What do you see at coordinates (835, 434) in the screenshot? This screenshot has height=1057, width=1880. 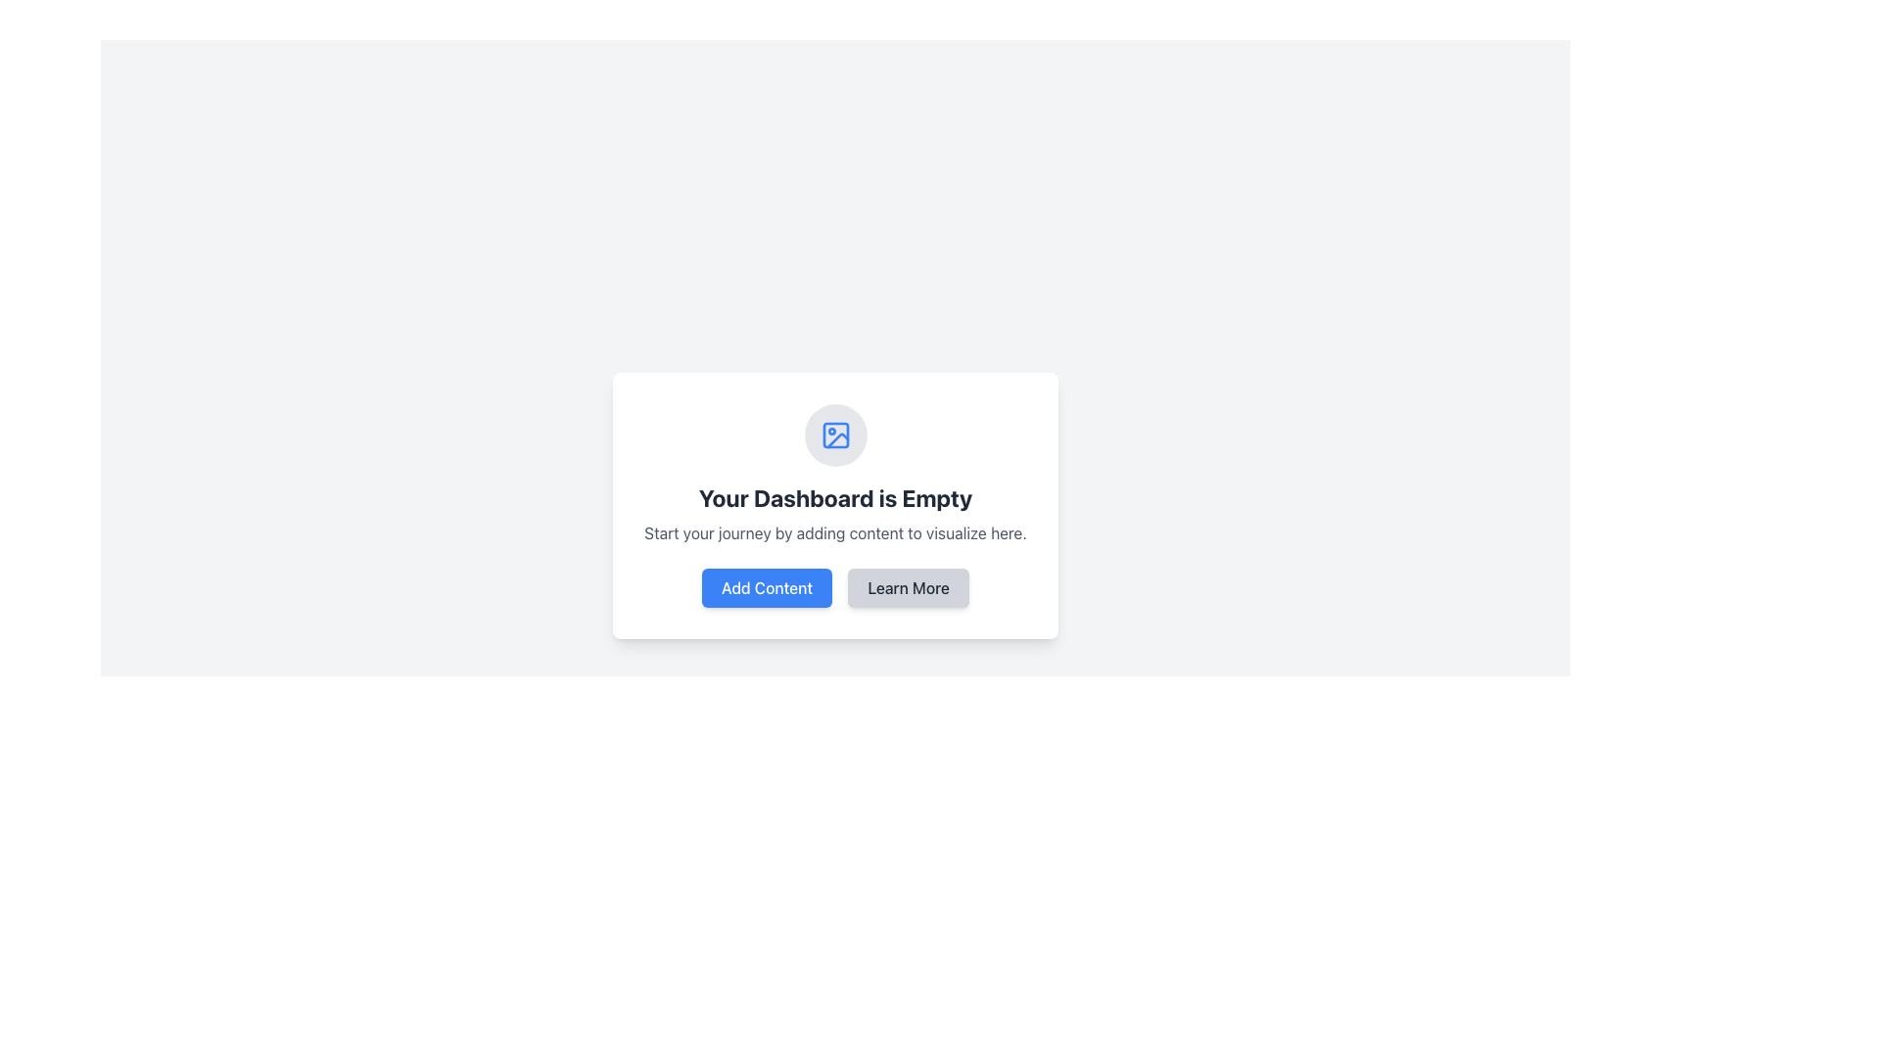 I see `the image icon with a blue outline and light gray circular background located at the top of the card interface` at bounding box center [835, 434].